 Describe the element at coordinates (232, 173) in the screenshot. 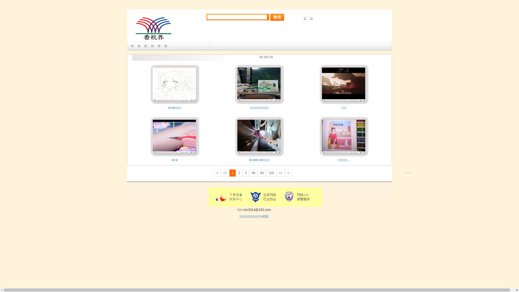

I see `'1'` at that location.